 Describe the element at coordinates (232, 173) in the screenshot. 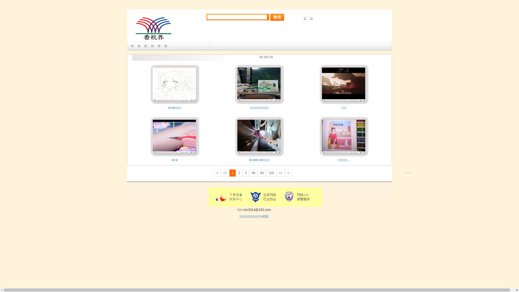

I see `'1'` at that location.